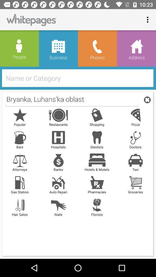 This screenshot has height=277, width=156. Describe the element at coordinates (146, 100) in the screenshot. I see `item above the pizza icon` at that location.